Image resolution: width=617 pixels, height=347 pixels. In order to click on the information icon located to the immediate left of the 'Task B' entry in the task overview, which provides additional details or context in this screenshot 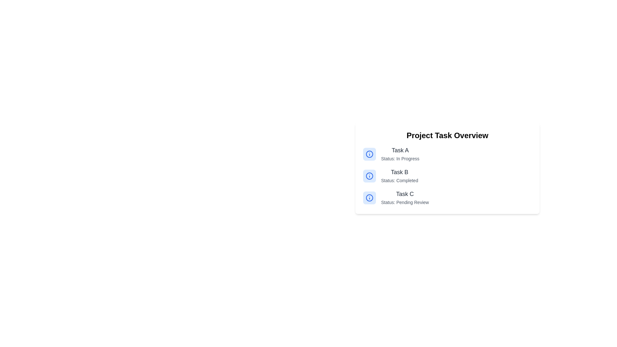, I will do `click(370, 176)`.